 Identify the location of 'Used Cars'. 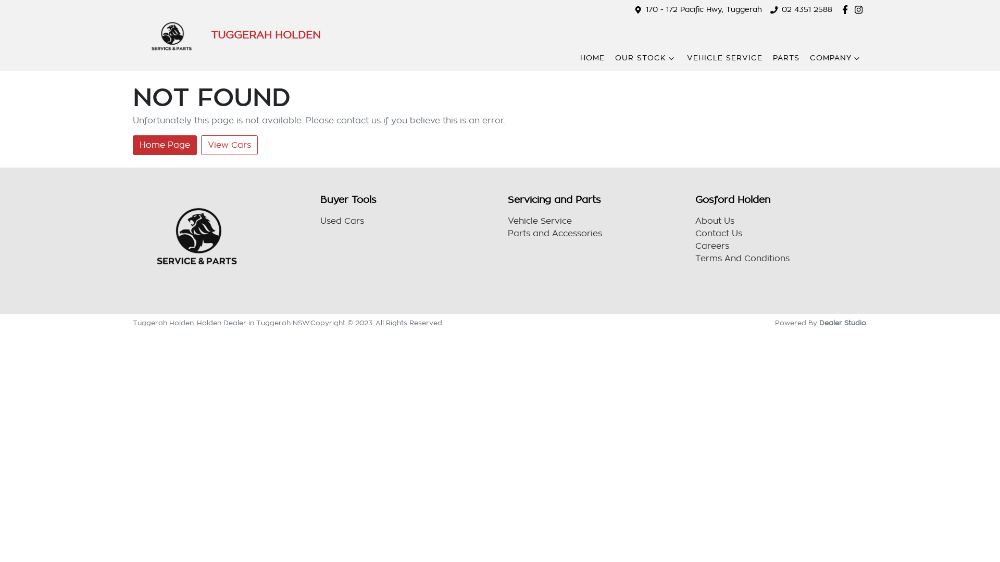
(342, 220).